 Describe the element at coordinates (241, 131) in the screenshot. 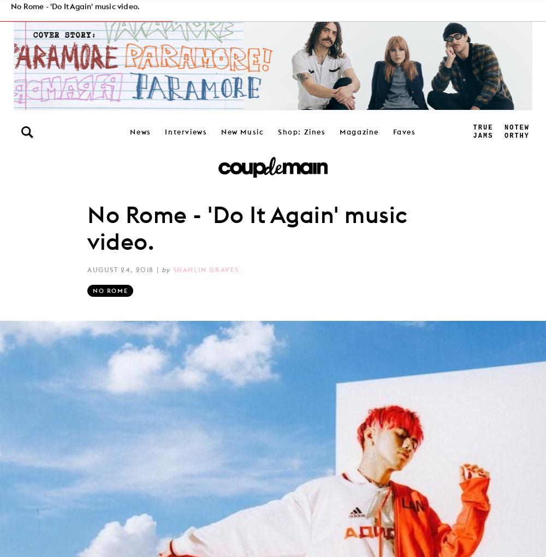

I see `'New Music'` at that location.